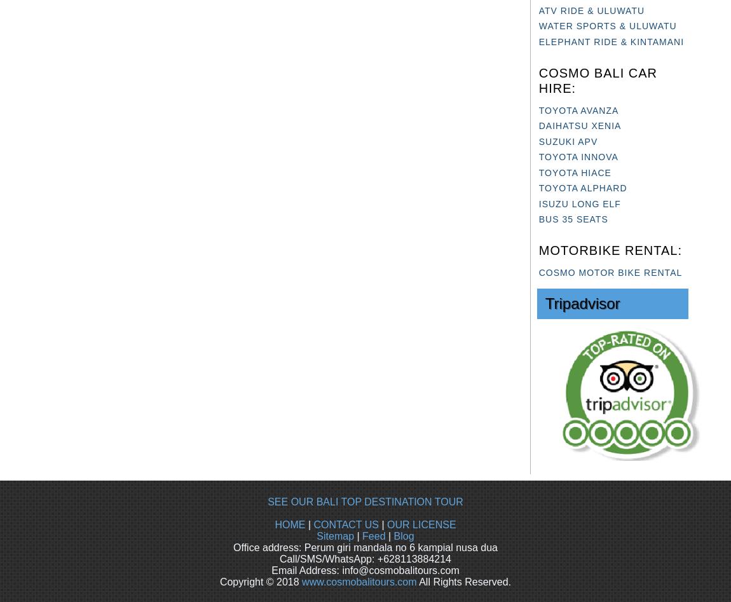  Describe the element at coordinates (403, 535) in the screenshot. I see `'Blog'` at that location.